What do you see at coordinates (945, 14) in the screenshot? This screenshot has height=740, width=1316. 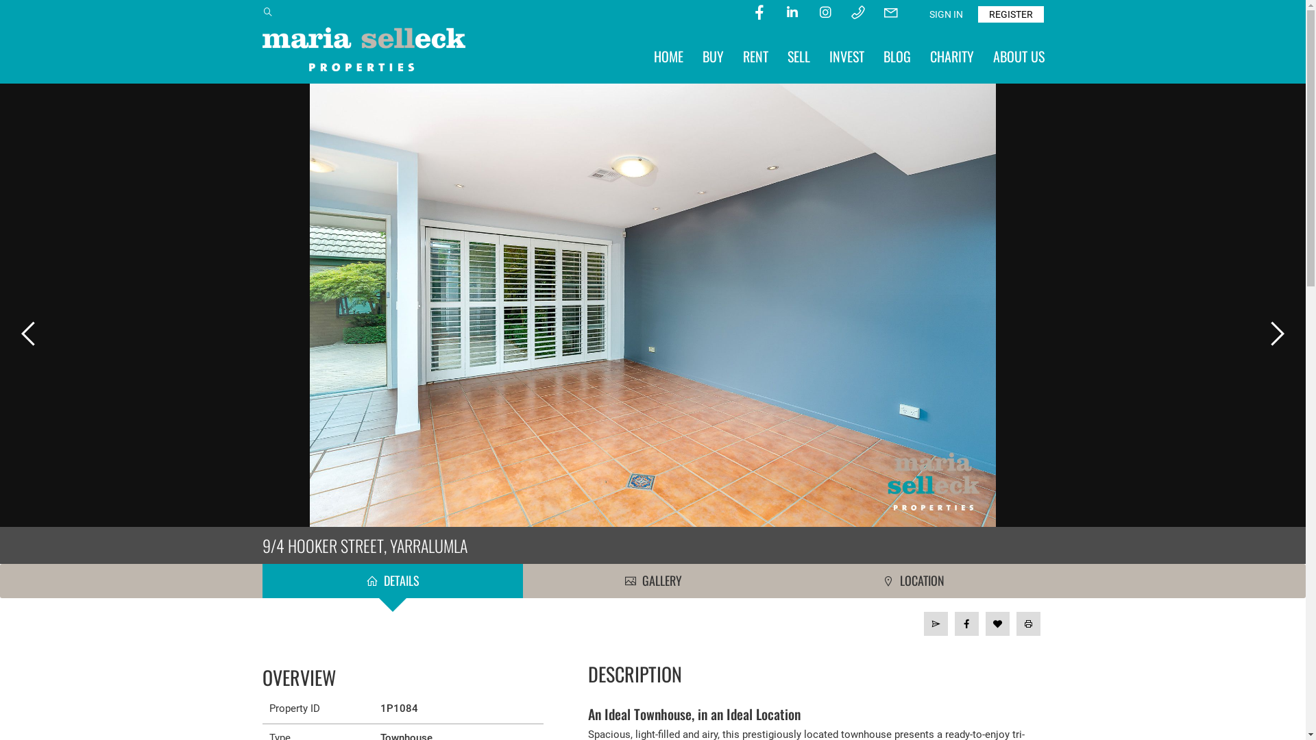 I see `'SIGN IN'` at bounding box center [945, 14].